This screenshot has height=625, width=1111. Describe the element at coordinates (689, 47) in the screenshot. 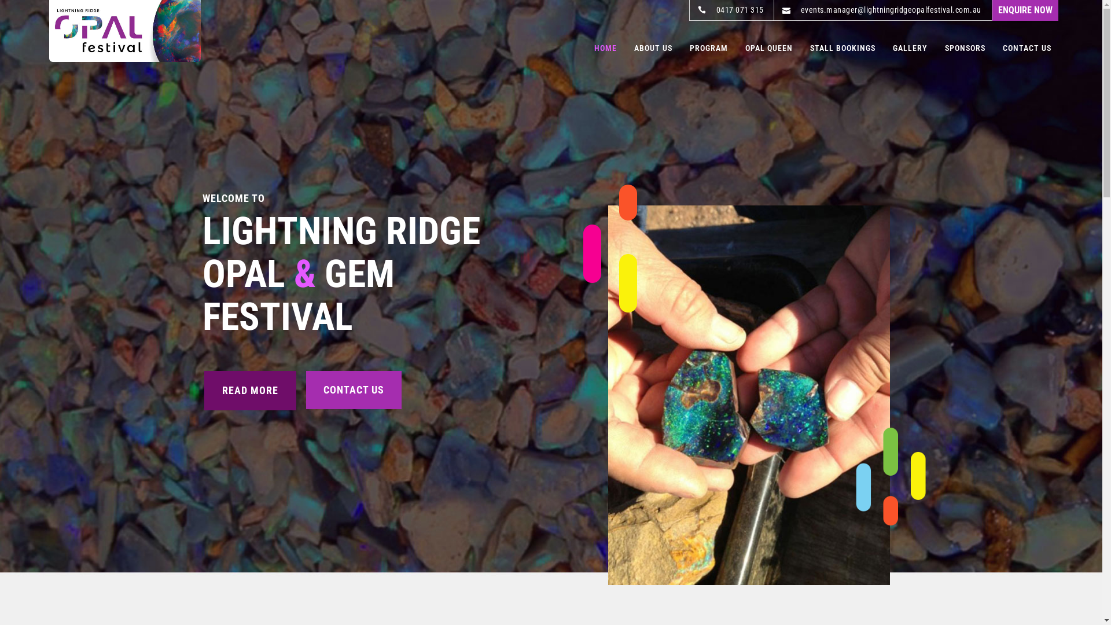

I see `'PROGRAM'` at that location.